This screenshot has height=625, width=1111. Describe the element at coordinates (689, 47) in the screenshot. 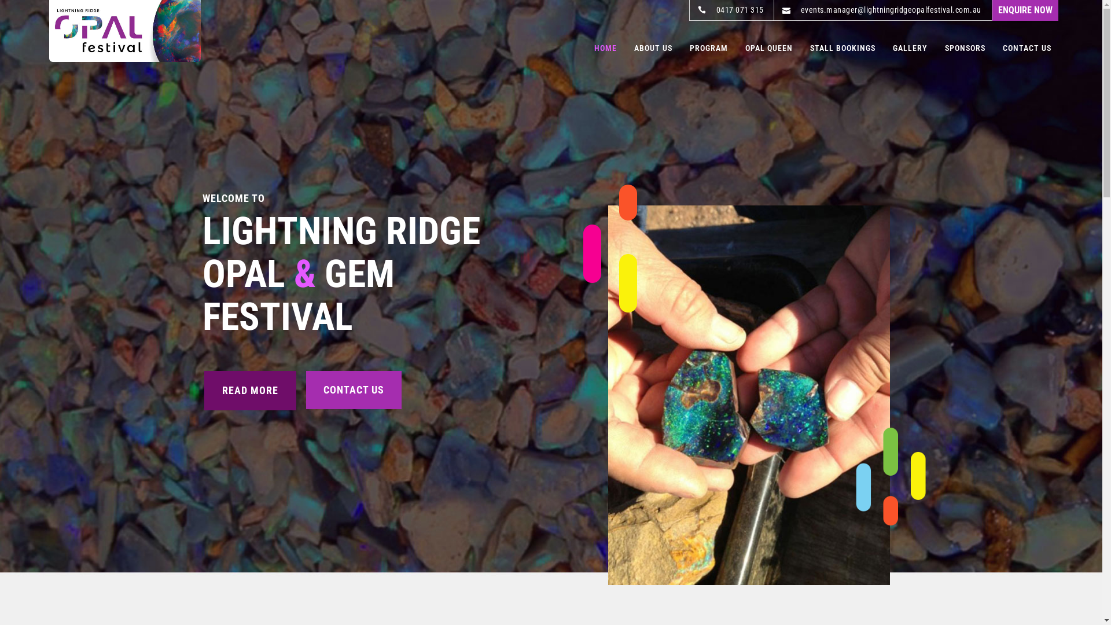

I see `'PROGRAM'` at that location.